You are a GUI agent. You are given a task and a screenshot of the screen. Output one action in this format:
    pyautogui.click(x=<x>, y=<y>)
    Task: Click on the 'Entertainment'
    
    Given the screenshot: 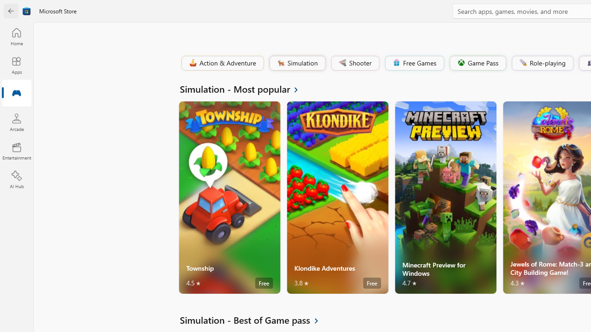 What is the action you would take?
    pyautogui.click(x=16, y=150)
    